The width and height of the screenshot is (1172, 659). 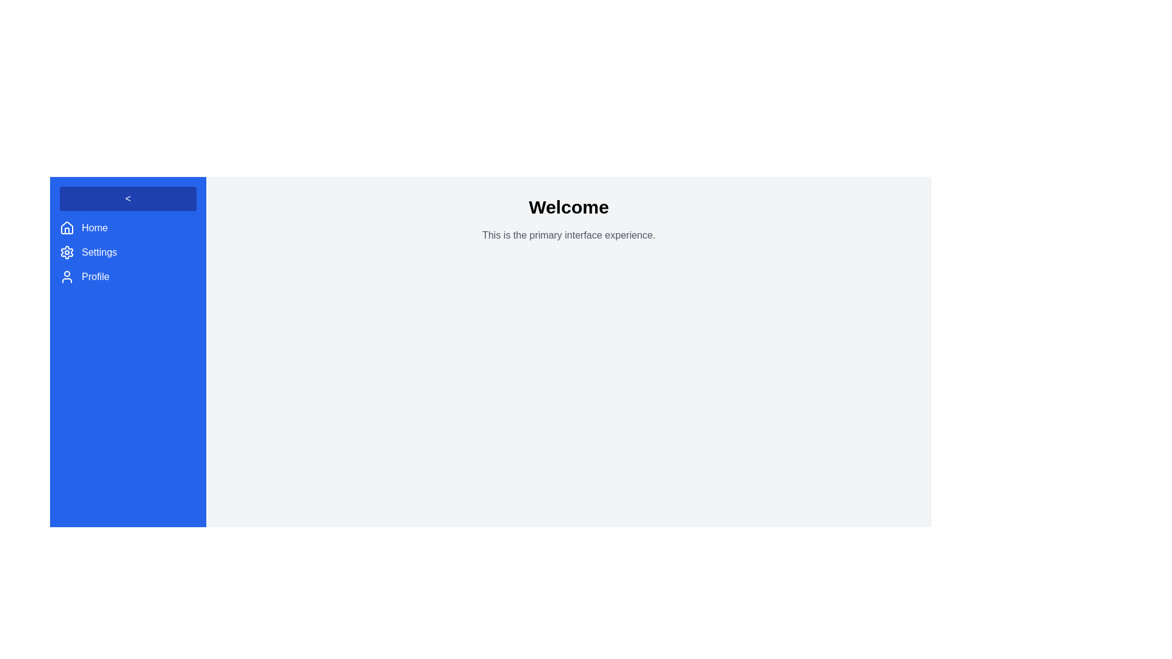 I want to click on the 'Home' icon located at the top of the left sidebar, so click(x=67, y=228).